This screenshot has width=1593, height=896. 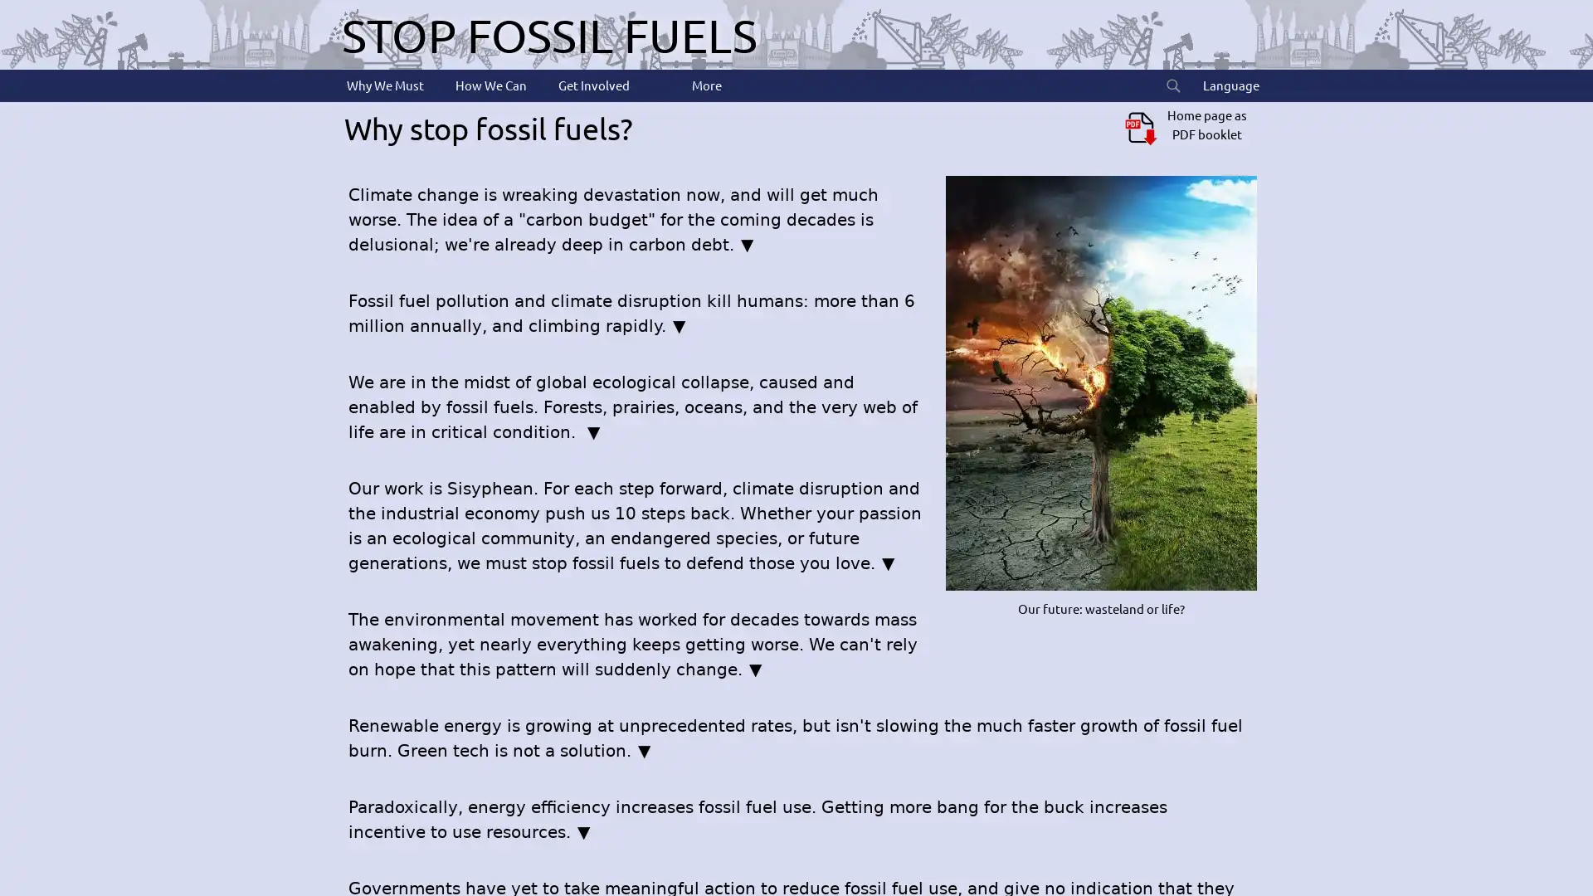 What do you see at coordinates (381, 85) in the screenshot?
I see `Why We Must` at bounding box center [381, 85].